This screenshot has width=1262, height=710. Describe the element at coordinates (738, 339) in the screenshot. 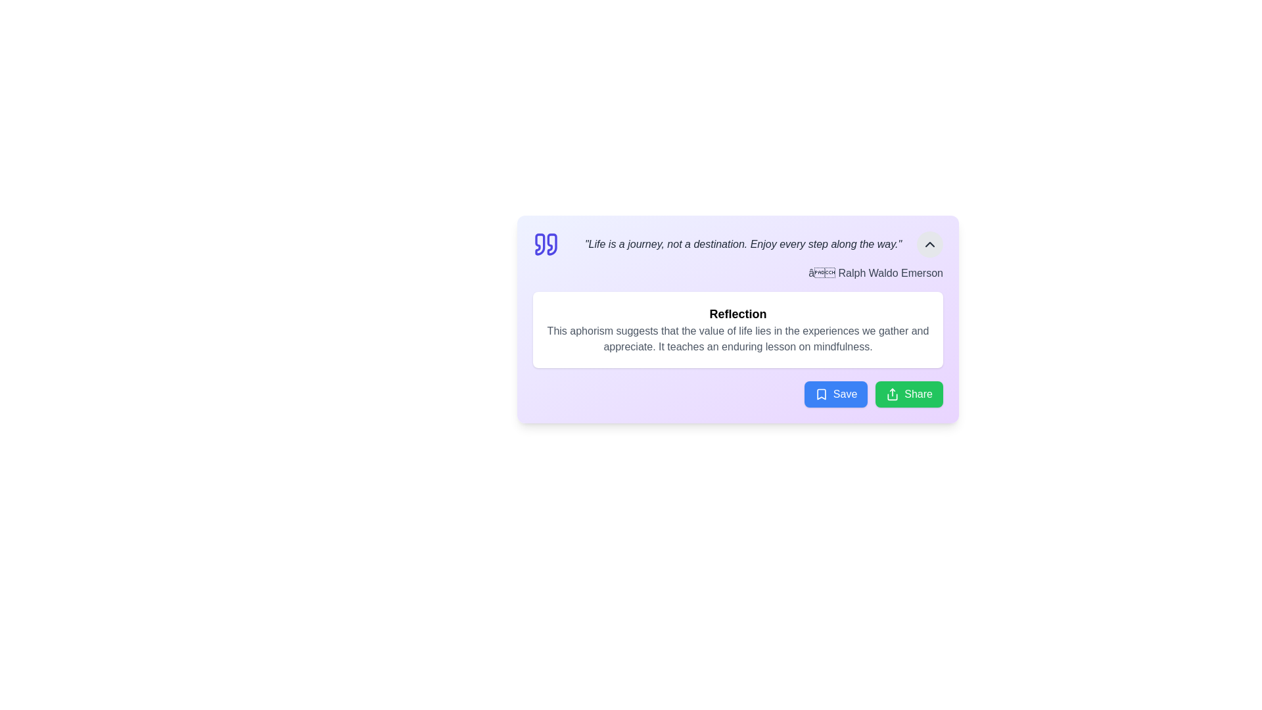

I see `informational text content about mindfulness positioned below the 'Reflection' heading, which is styled in a smaller, grayish font` at that location.